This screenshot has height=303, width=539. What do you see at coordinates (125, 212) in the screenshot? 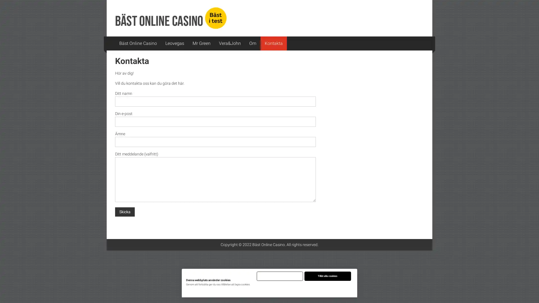
I see `Skicka` at bounding box center [125, 212].